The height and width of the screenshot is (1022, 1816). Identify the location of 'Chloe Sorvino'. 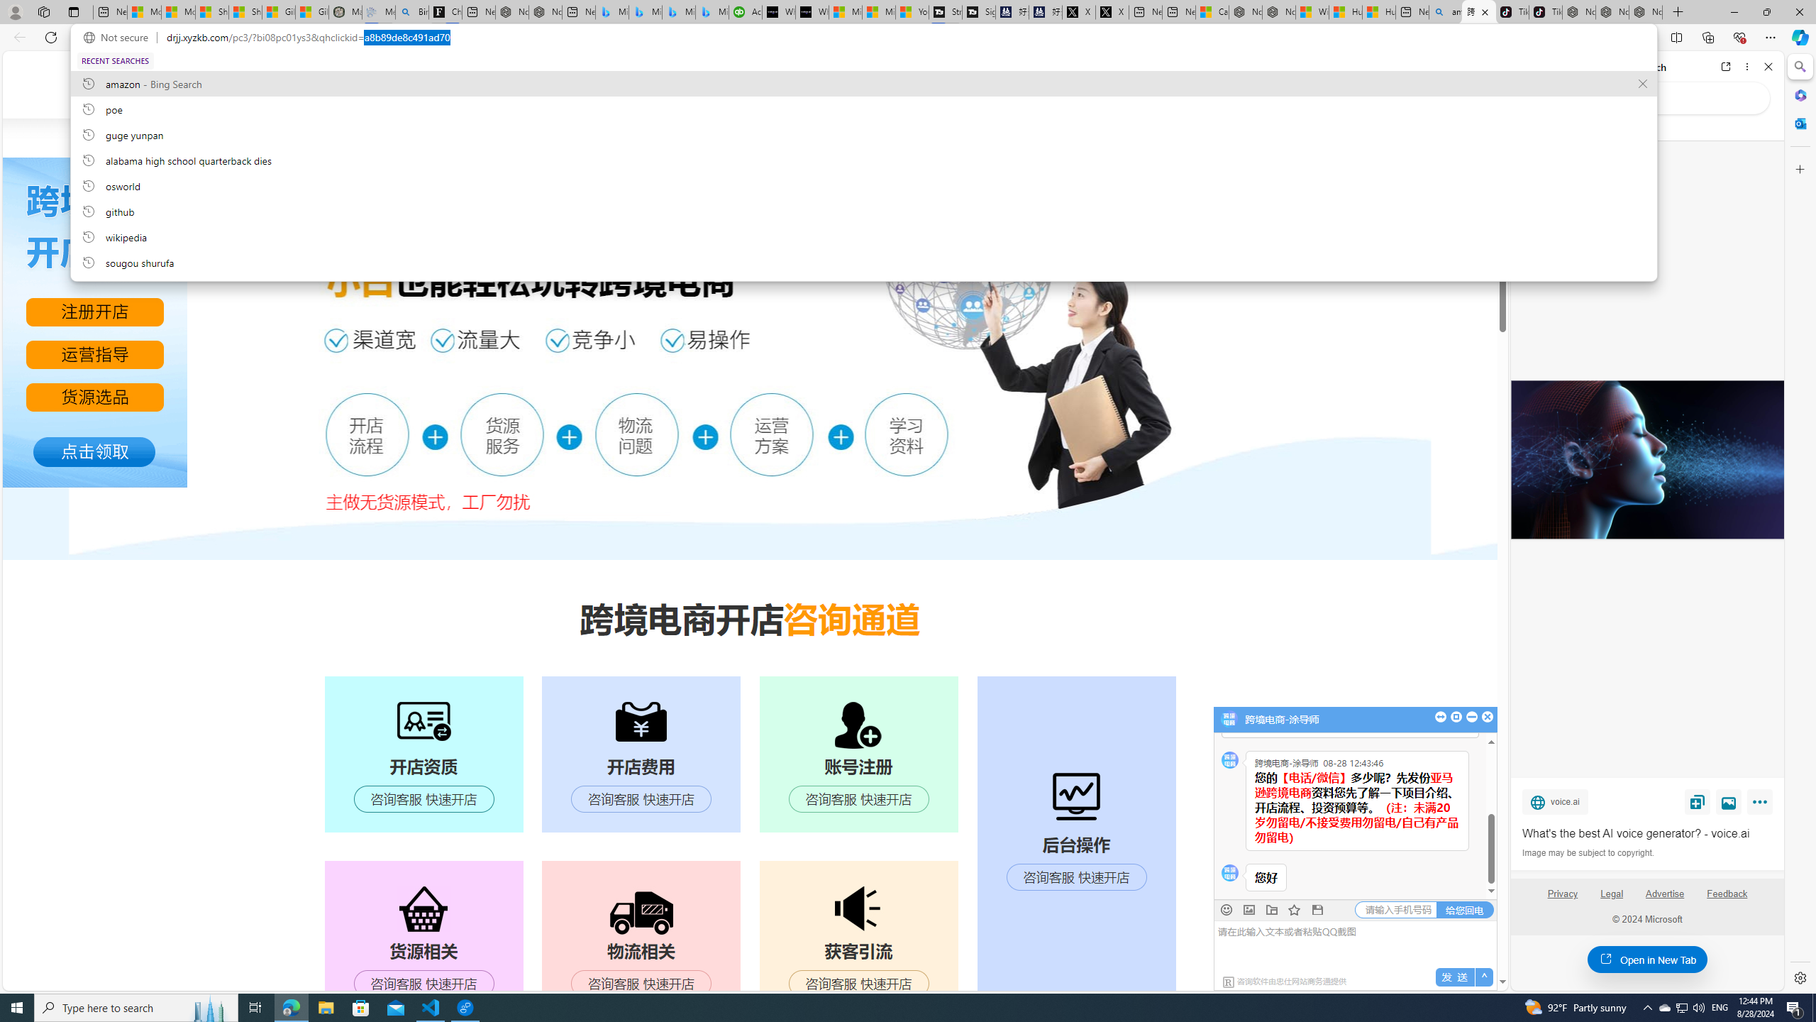
(445, 11).